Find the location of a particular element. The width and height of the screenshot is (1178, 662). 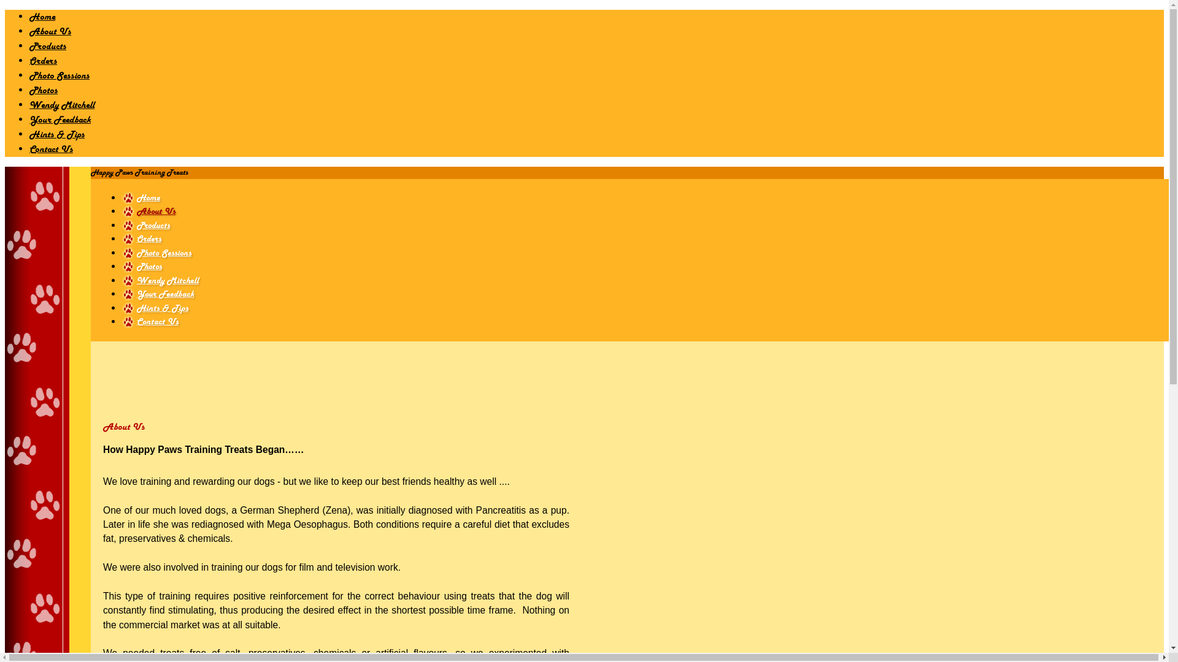

'Photo Sessions' is located at coordinates (29, 75).